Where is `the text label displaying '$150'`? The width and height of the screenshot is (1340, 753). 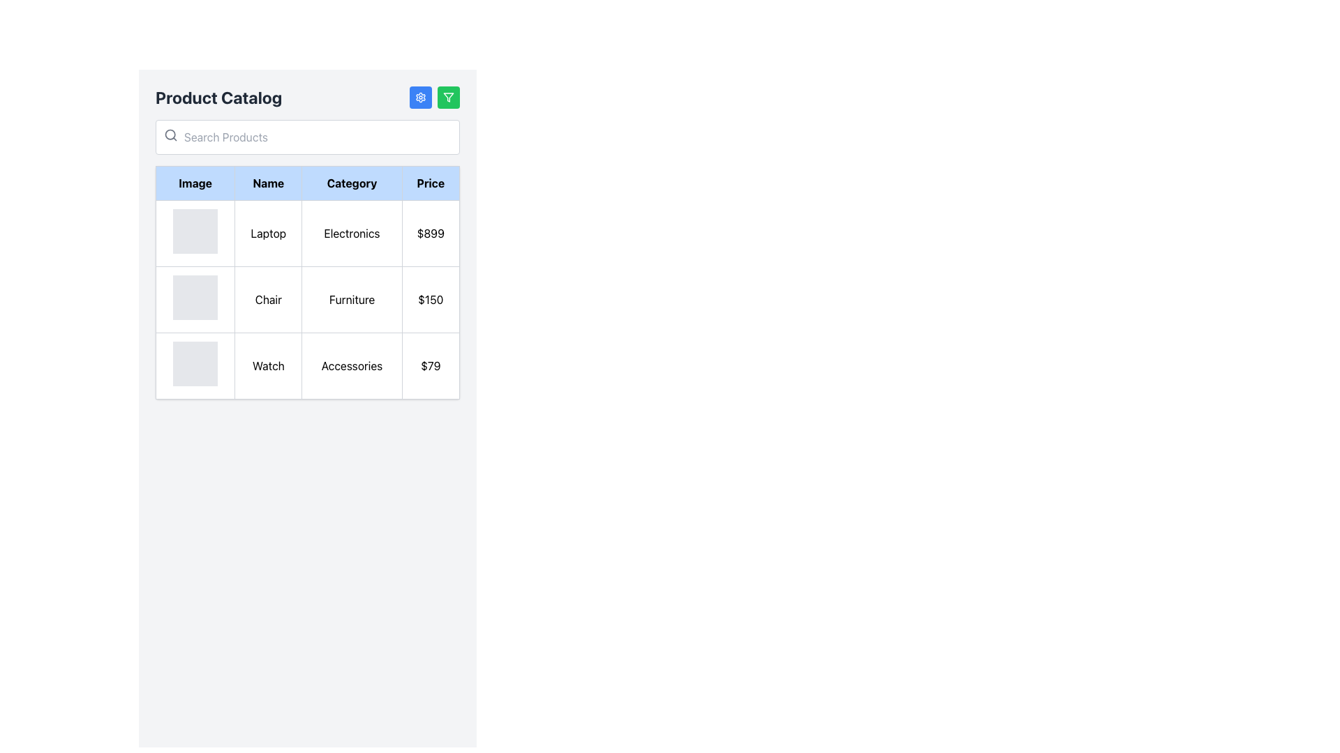
the text label displaying '$150' is located at coordinates (430, 298).